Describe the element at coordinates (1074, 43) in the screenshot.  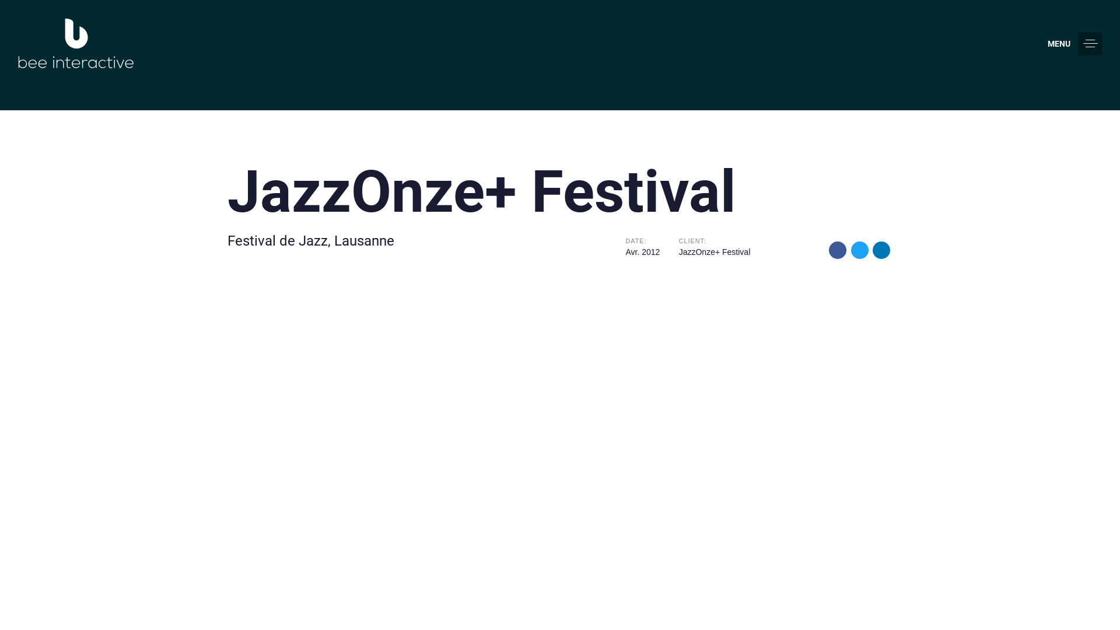
I see `'MENU'` at that location.